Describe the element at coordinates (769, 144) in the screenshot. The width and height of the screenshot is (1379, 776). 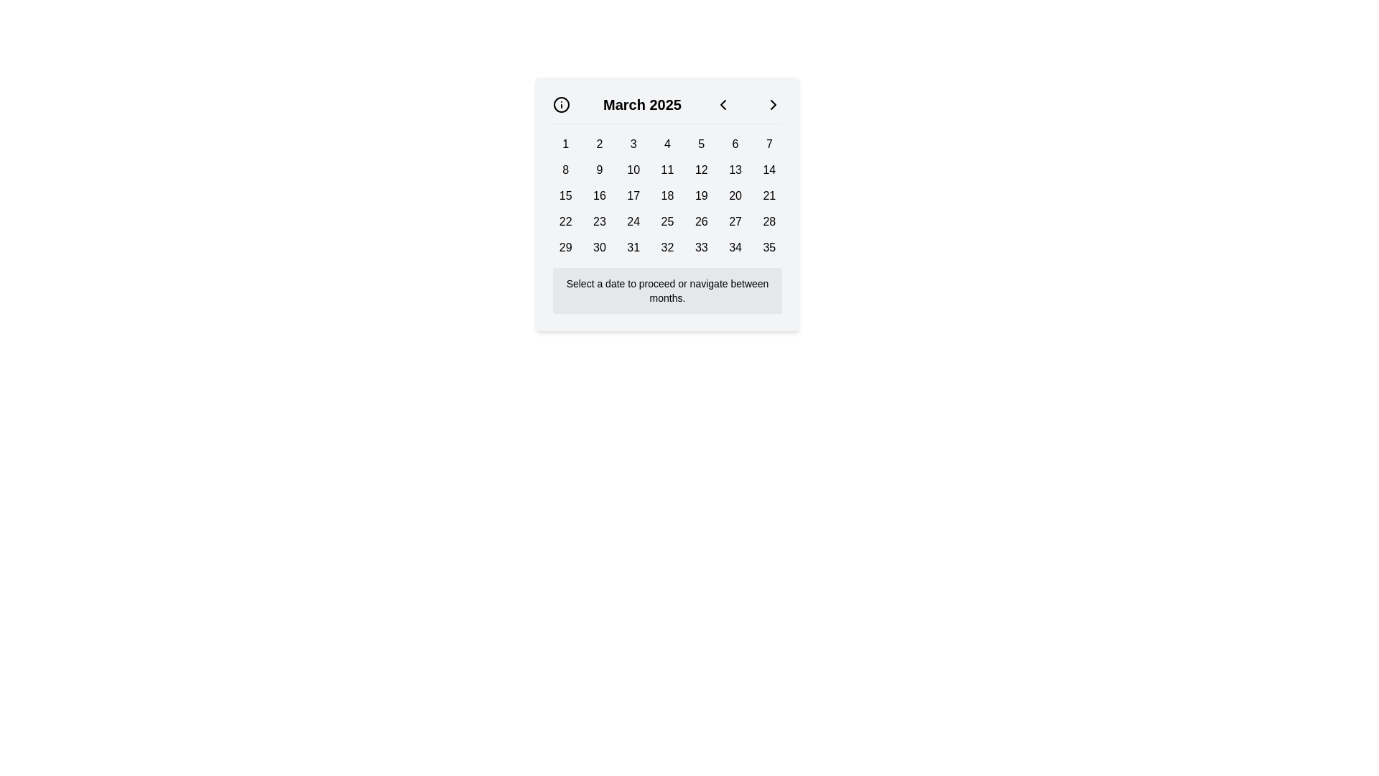
I see `the 7th day button in the upper-right corner of the first row of the calendar grid` at that location.